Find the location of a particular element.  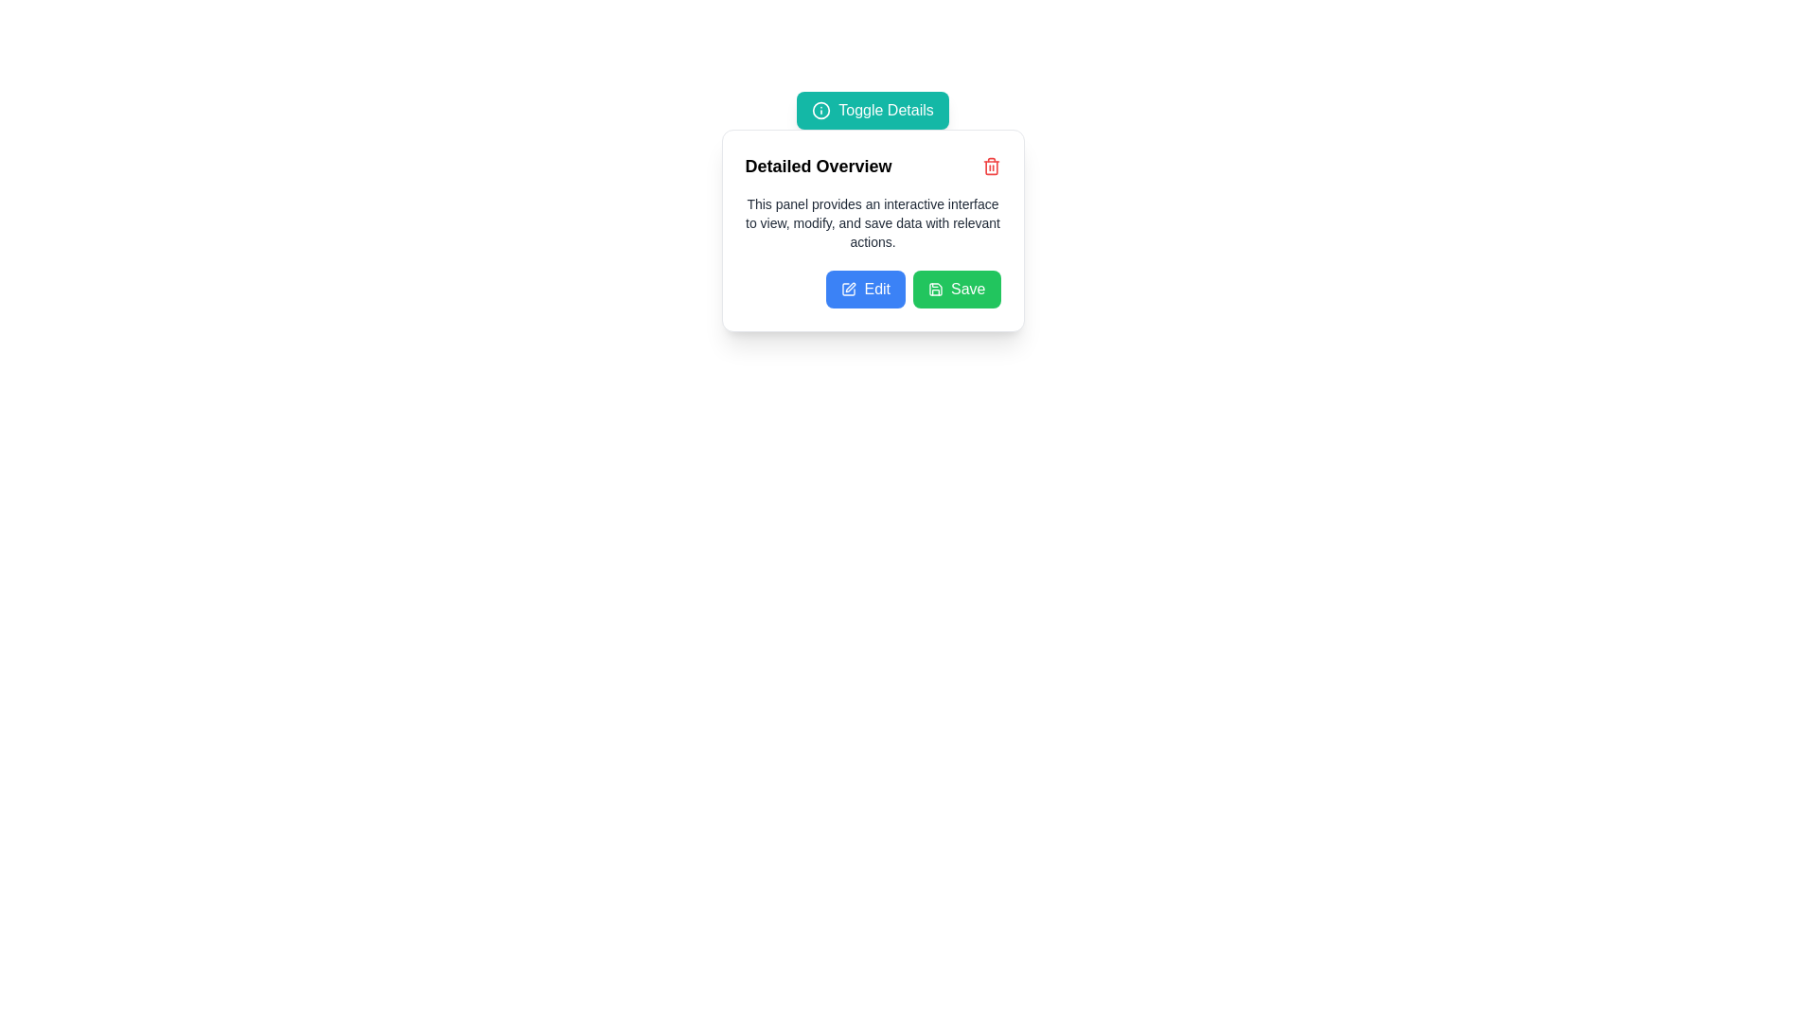

the rectangular teal button labeled 'Toggle Details' is located at coordinates (872, 110).